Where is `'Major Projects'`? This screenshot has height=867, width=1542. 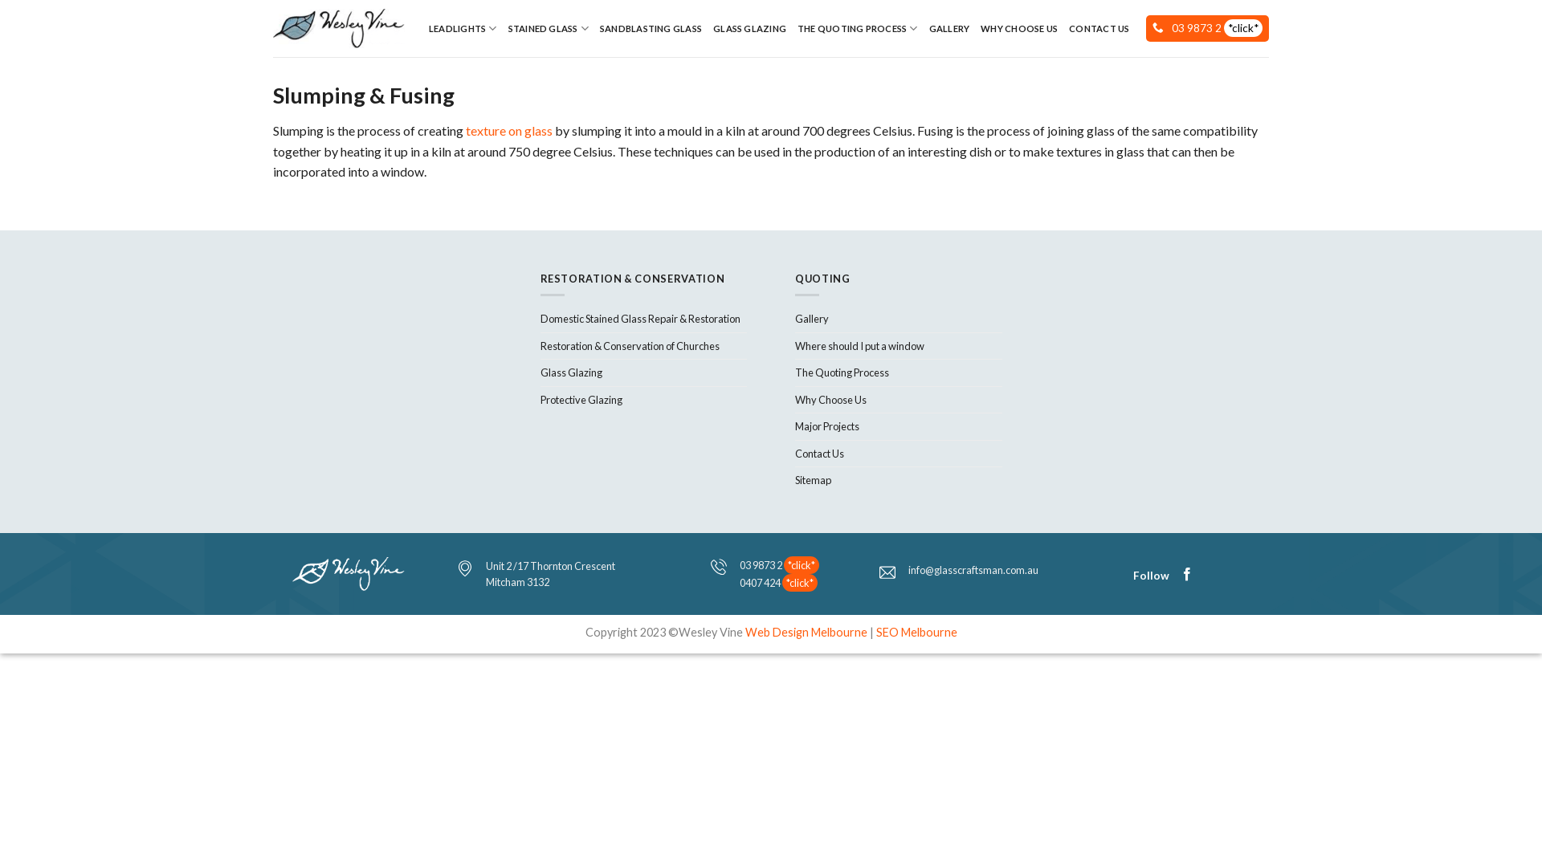
'Major Projects' is located at coordinates (827, 425).